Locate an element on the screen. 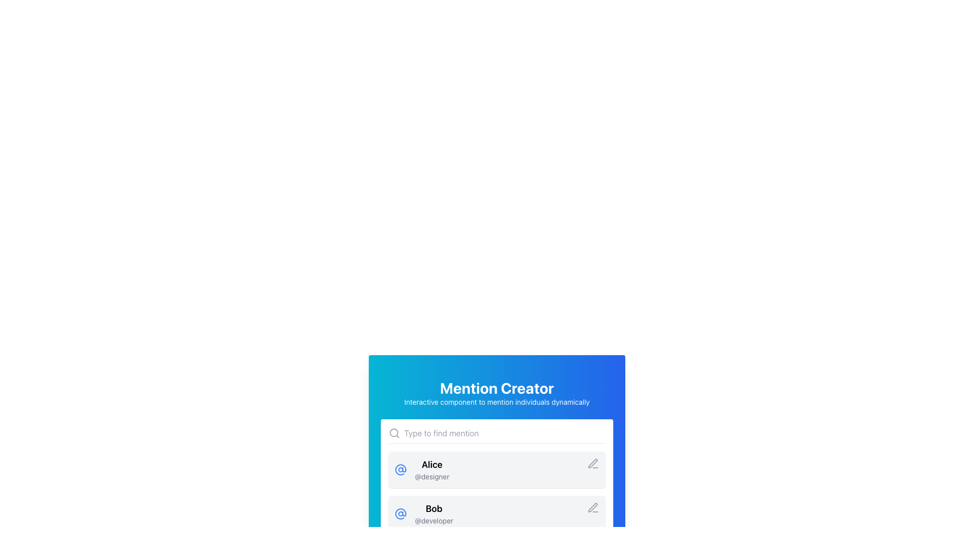 The width and height of the screenshot is (962, 541). the '@' icon with a blue outline located to the left of the profile labeled 'Bob' in the second profile entry of the list is located at coordinates (401, 469).